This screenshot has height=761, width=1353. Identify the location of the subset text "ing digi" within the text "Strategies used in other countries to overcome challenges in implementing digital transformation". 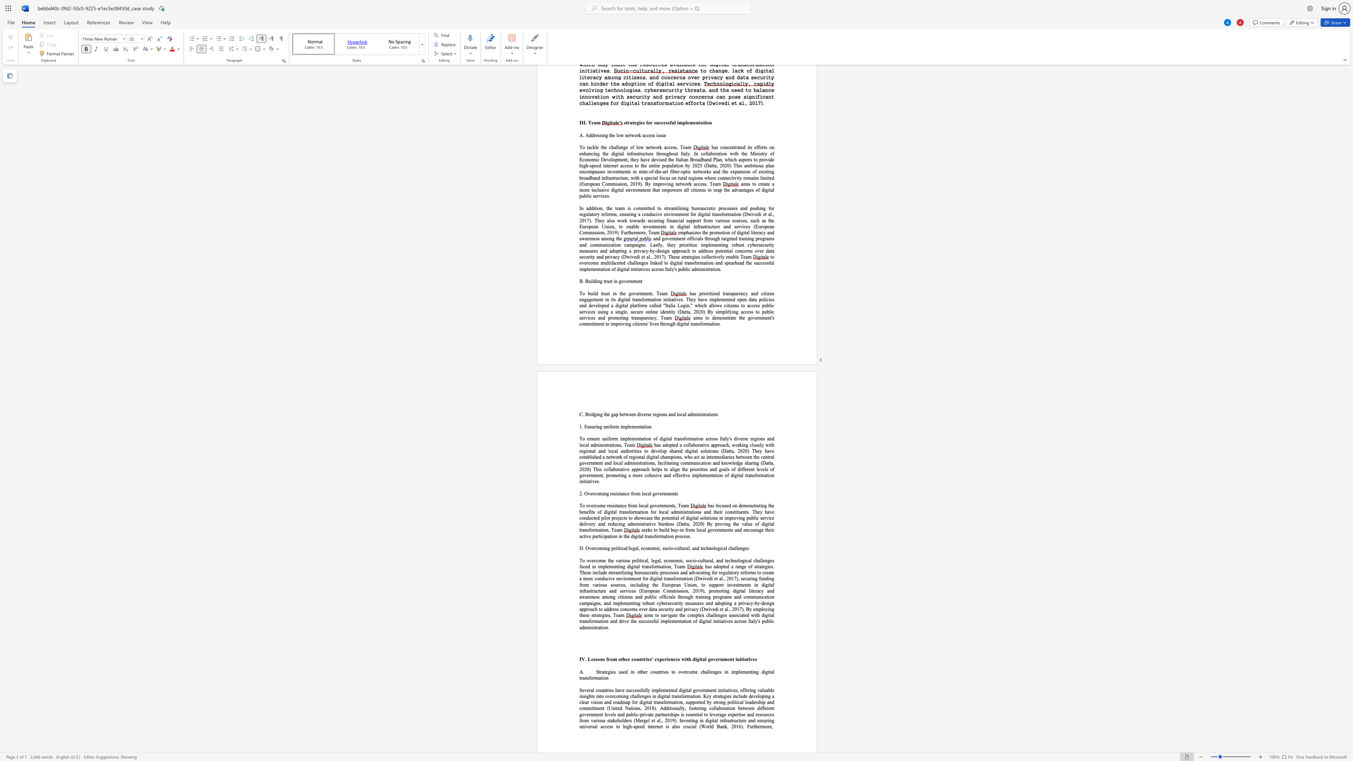
(752, 672).